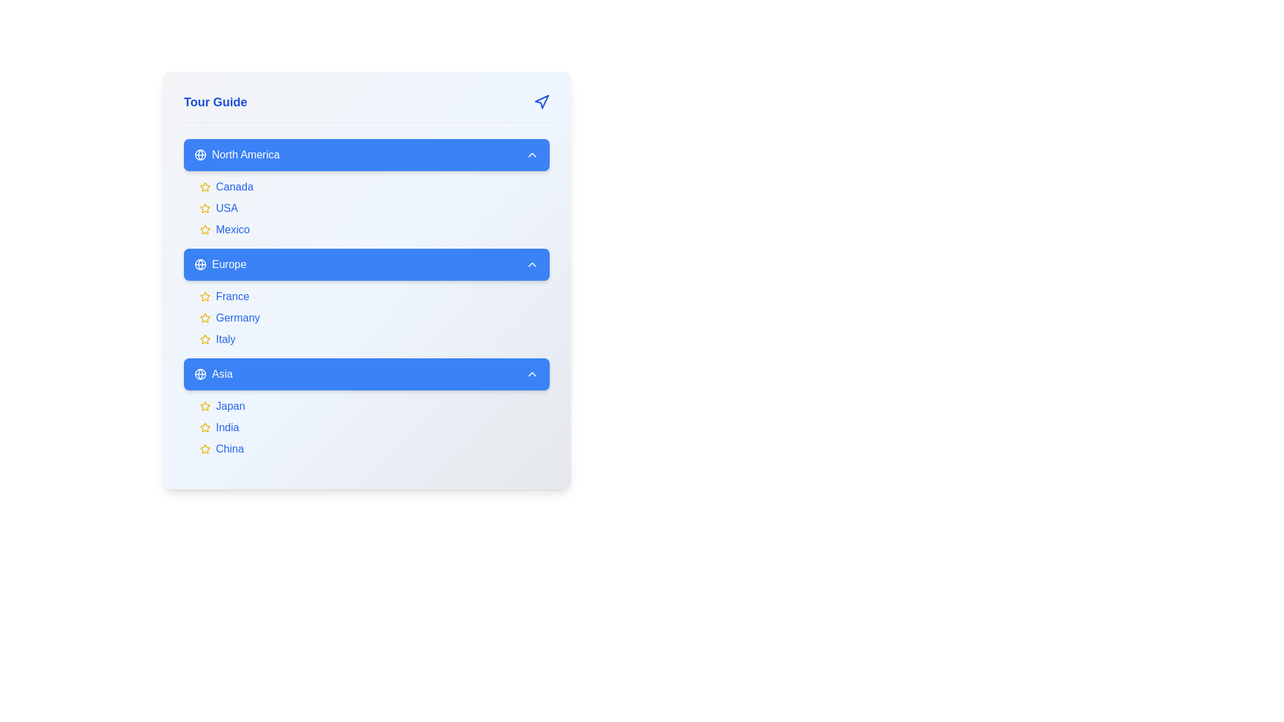 This screenshot has height=722, width=1284. Describe the element at coordinates (205, 295) in the screenshot. I see `the star-shaped icon rendered in yellow, located beside the text labeled 'France' in the second collapsible section 'Europe'` at that location.